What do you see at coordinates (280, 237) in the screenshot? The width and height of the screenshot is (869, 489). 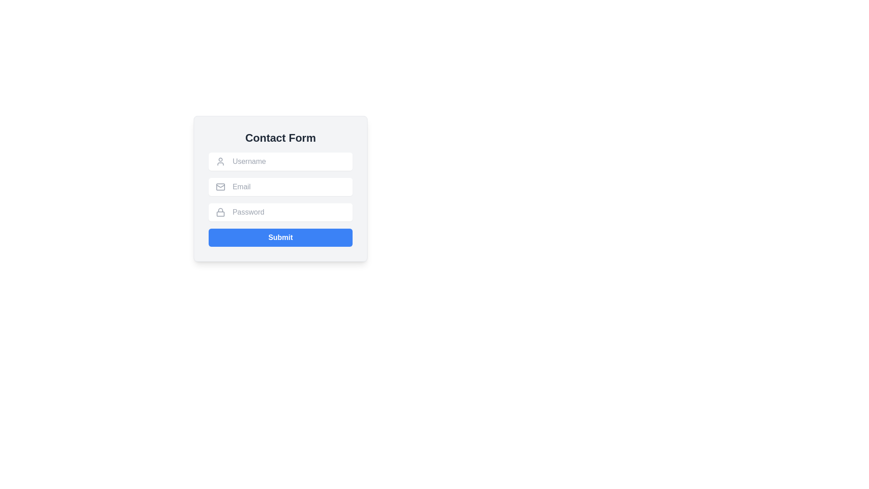 I see `the 'Submit' button with a blue background and rounded corners to trigger its visual hover state` at bounding box center [280, 237].